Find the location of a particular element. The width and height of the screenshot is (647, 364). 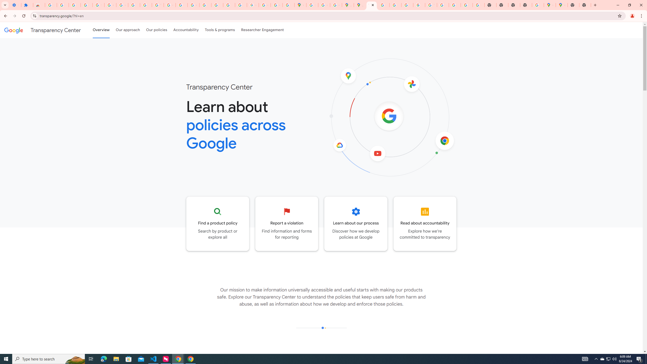

'Google Account Help' is located at coordinates (110, 5).